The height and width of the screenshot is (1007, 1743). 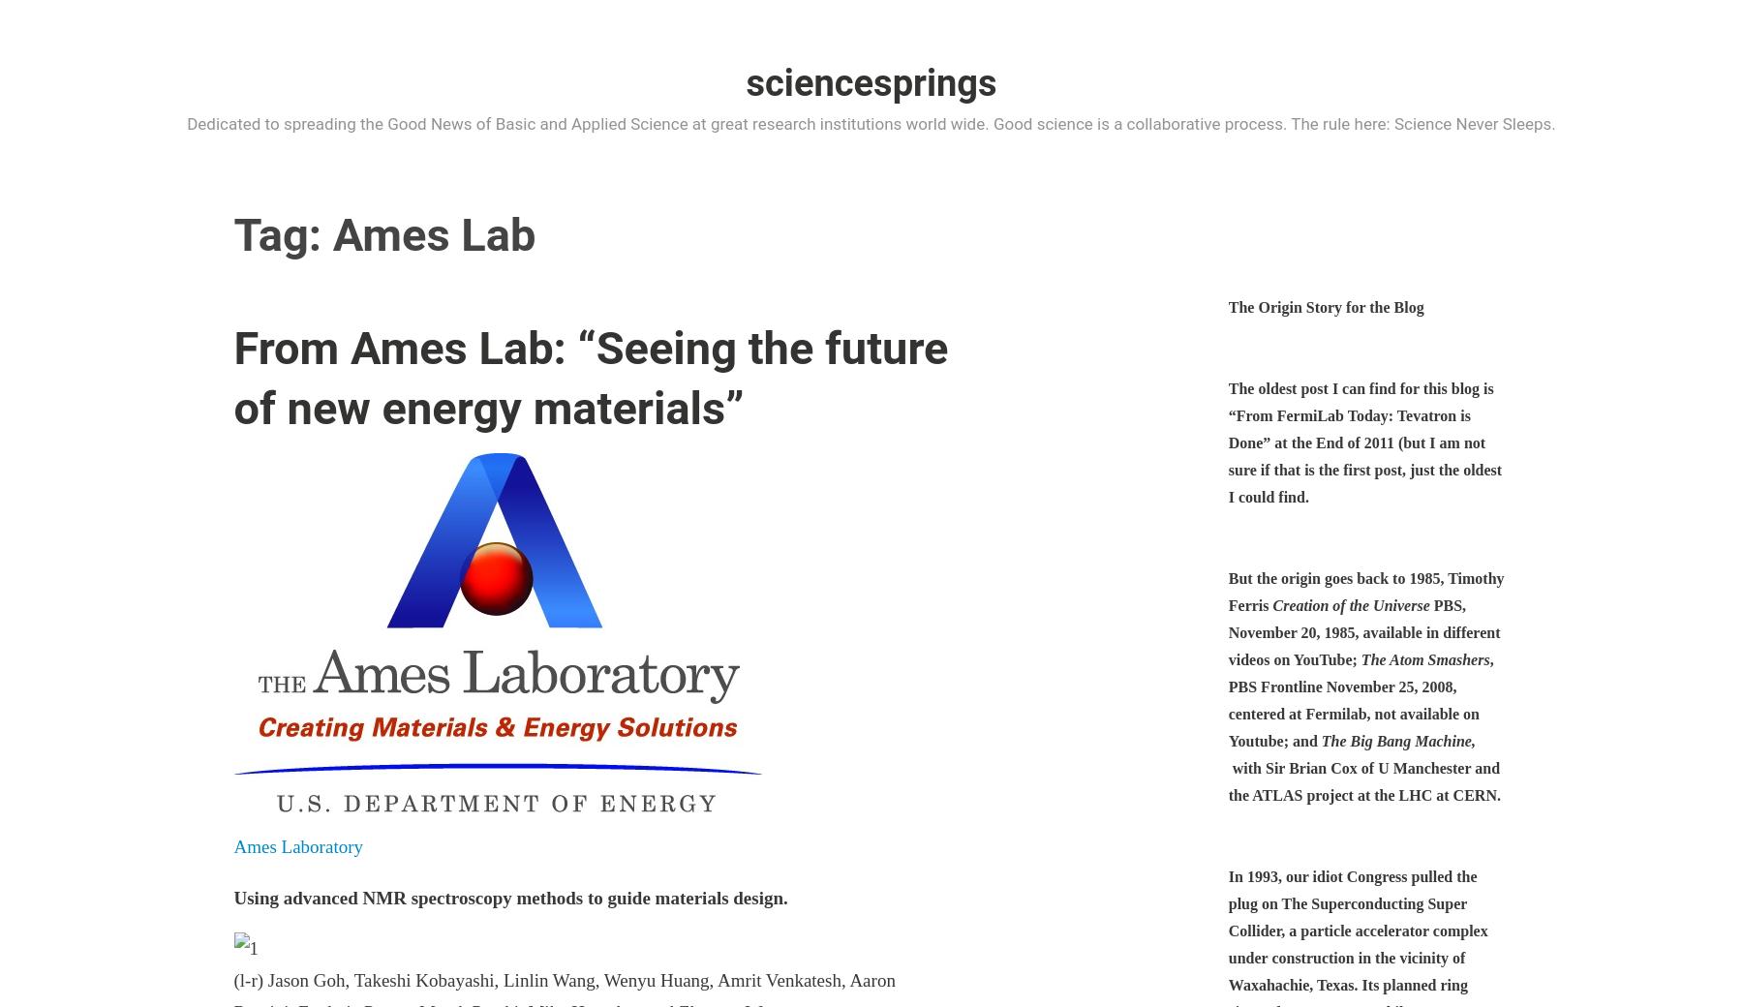 What do you see at coordinates (1227, 305) in the screenshot?
I see `'The Origin Story for the Blog'` at bounding box center [1227, 305].